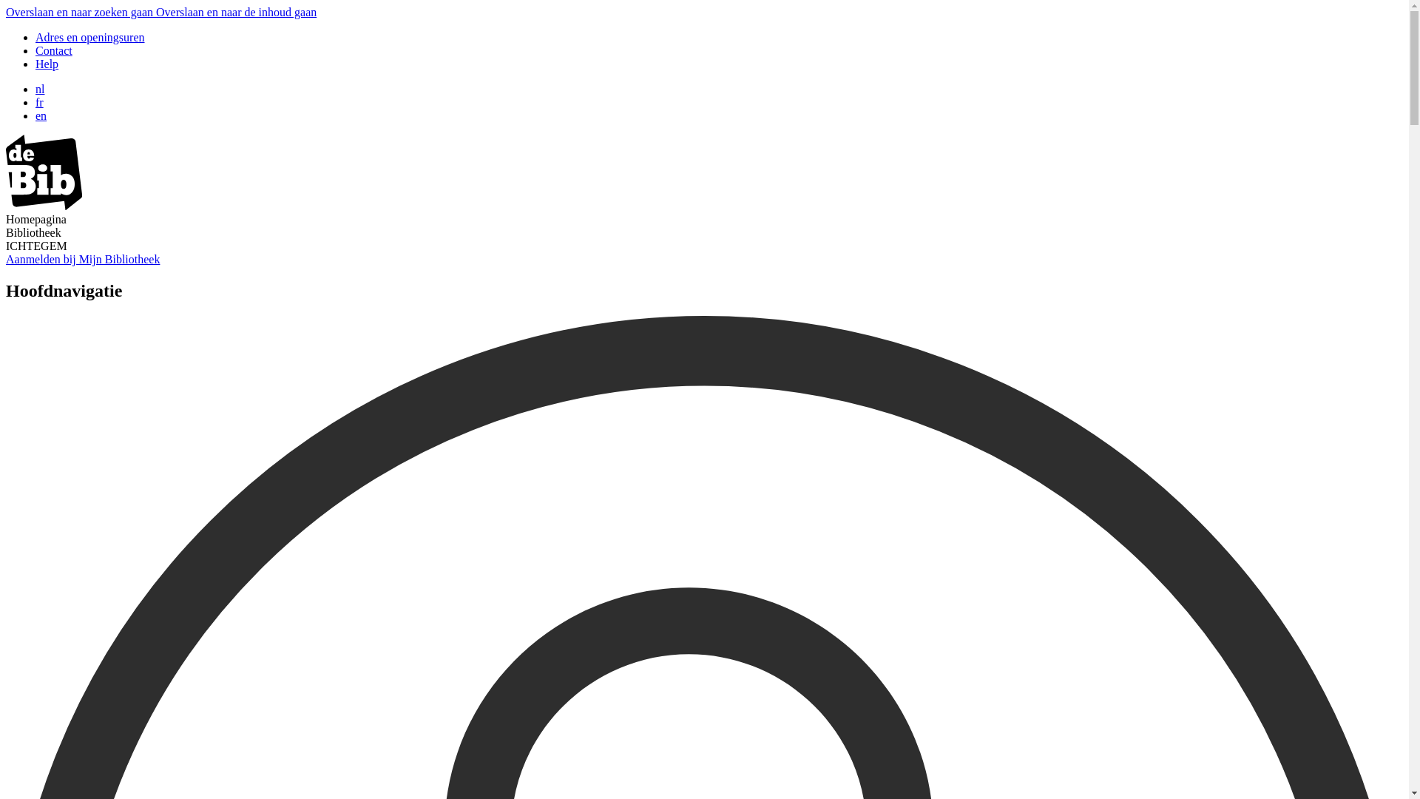 This screenshot has width=1420, height=799. Describe the element at coordinates (53, 50) in the screenshot. I see `'Contact'` at that location.